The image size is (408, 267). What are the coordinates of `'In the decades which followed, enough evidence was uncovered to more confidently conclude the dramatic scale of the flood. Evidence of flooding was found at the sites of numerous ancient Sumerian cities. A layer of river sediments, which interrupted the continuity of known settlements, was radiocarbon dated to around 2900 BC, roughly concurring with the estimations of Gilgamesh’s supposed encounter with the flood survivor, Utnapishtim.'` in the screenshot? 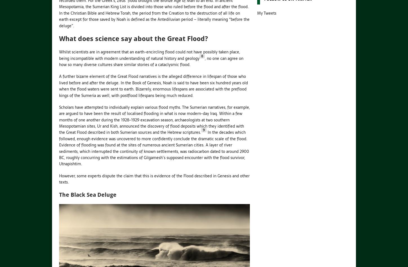 It's located at (59, 148).